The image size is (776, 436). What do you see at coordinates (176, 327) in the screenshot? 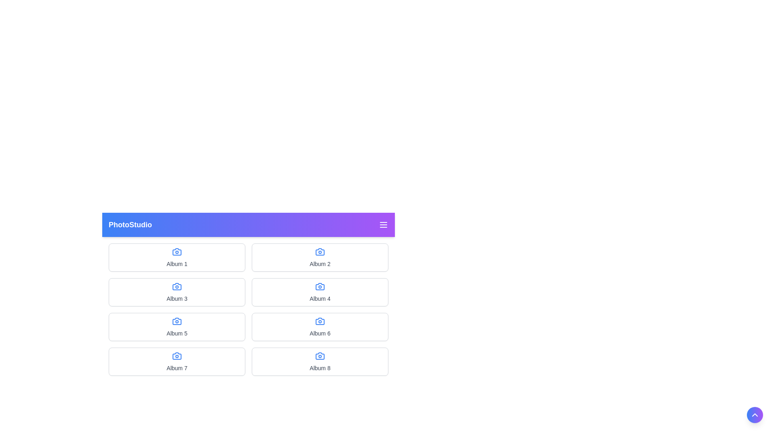
I see `the leftmost album card in the third row of the grid layout` at bounding box center [176, 327].